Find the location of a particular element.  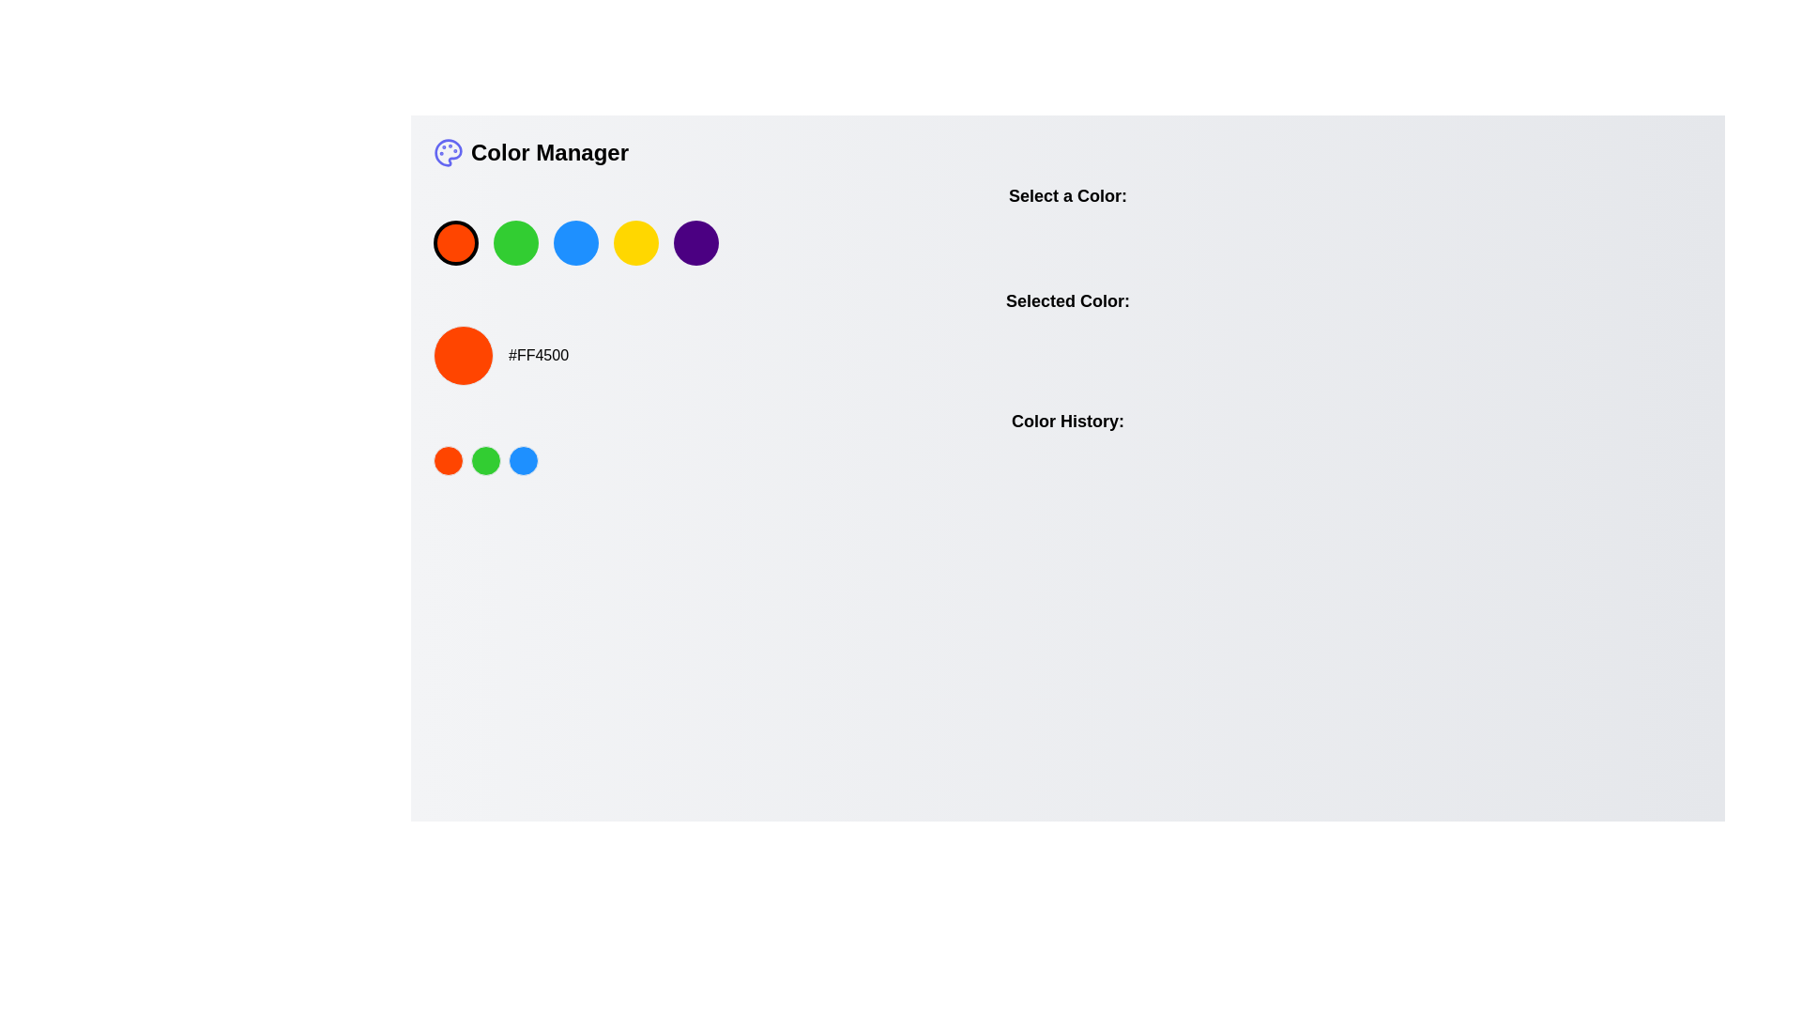

the third circular button with a blue background, located in a row of color indicator buttons is located at coordinates (523, 460).